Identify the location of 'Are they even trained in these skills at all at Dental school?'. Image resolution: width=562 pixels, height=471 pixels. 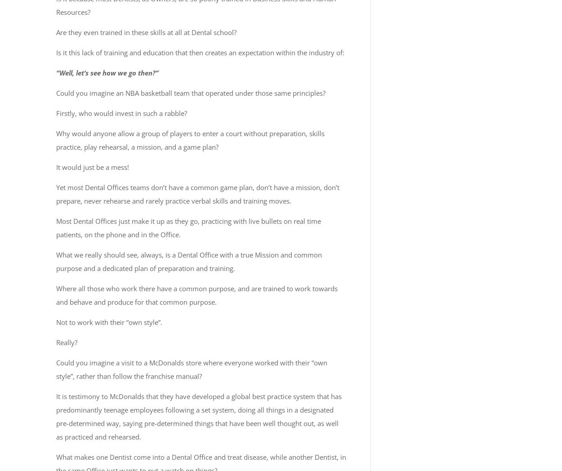
(146, 32).